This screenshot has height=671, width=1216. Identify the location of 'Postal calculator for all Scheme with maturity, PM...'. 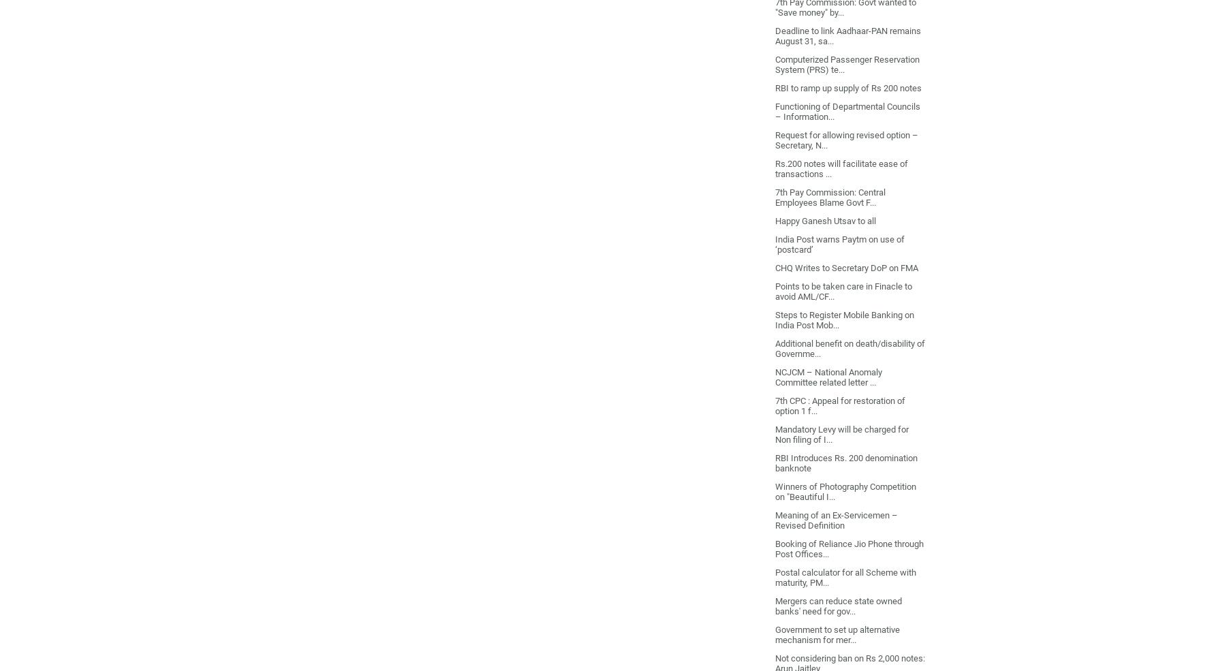
(844, 576).